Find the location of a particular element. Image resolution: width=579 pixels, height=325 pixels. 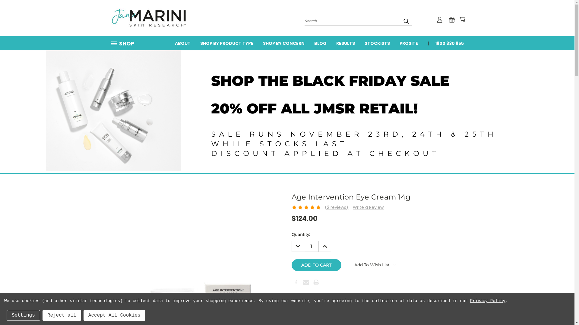

'STOCKISTS' is located at coordinates (359, 42).